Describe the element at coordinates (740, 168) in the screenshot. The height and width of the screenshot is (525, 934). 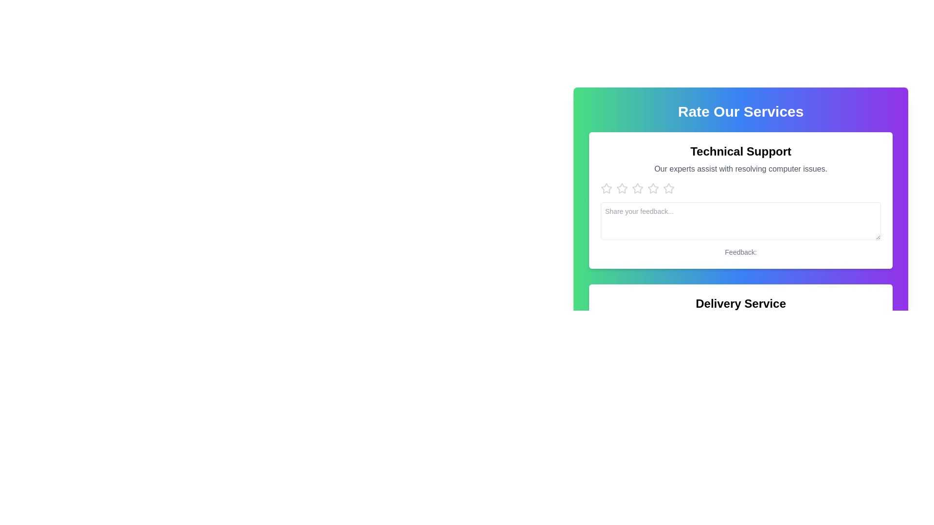
I see `text description labeled 'Our experts assist with resolving computer issues.' which is styled in gray color and located below the title 'Technical Support'` at that location.